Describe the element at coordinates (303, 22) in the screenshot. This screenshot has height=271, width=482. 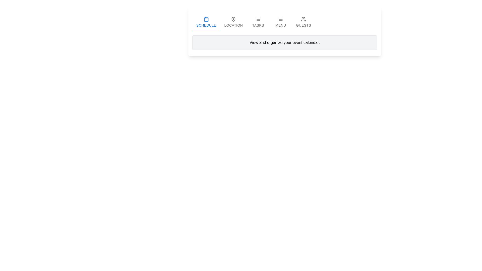
I see `the 'Guests' button tab, which is the fifth tab in the horizontal navigation bar` at that location.